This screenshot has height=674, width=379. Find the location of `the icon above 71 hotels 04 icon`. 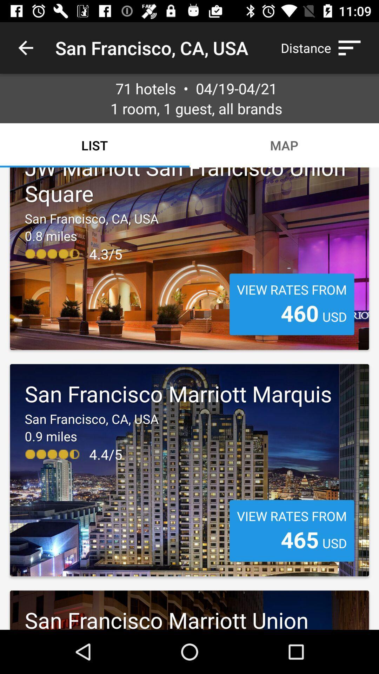

the icon above 71 hotels 04 icon is located at coordinates (324, 47).